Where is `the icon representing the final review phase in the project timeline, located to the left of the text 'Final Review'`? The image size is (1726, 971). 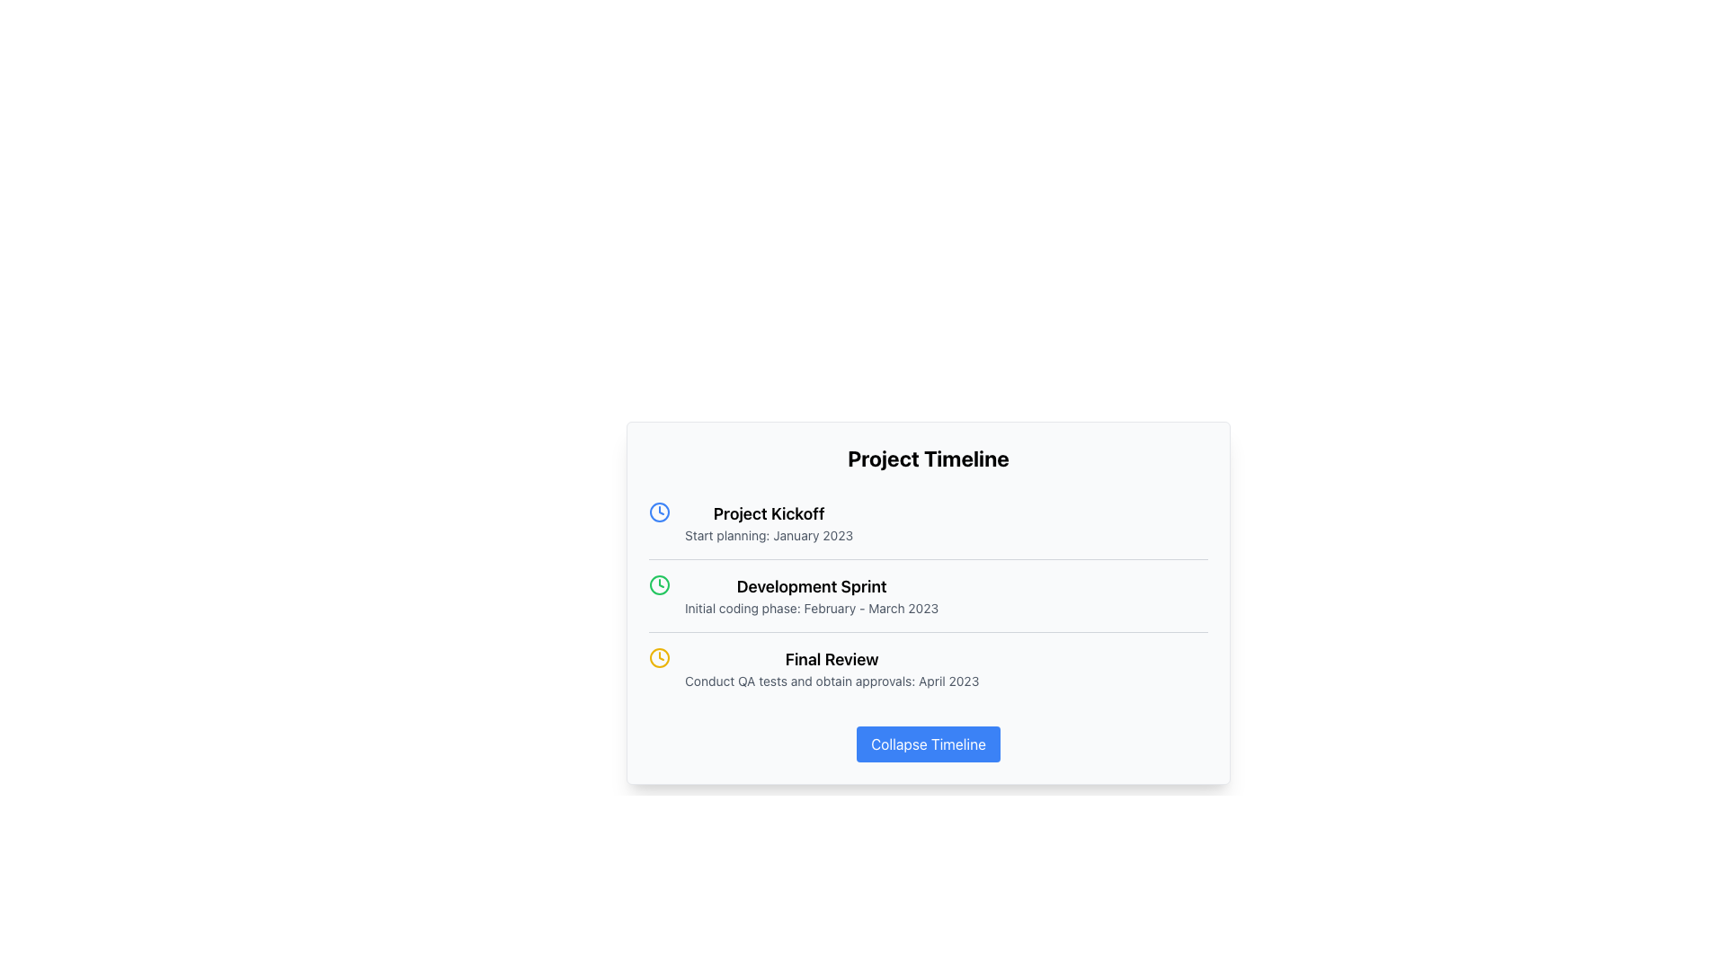 the icon representing the final review phase in the project timeline, located to the left of the text 'Final Review' is located at coordinates (659, 658).